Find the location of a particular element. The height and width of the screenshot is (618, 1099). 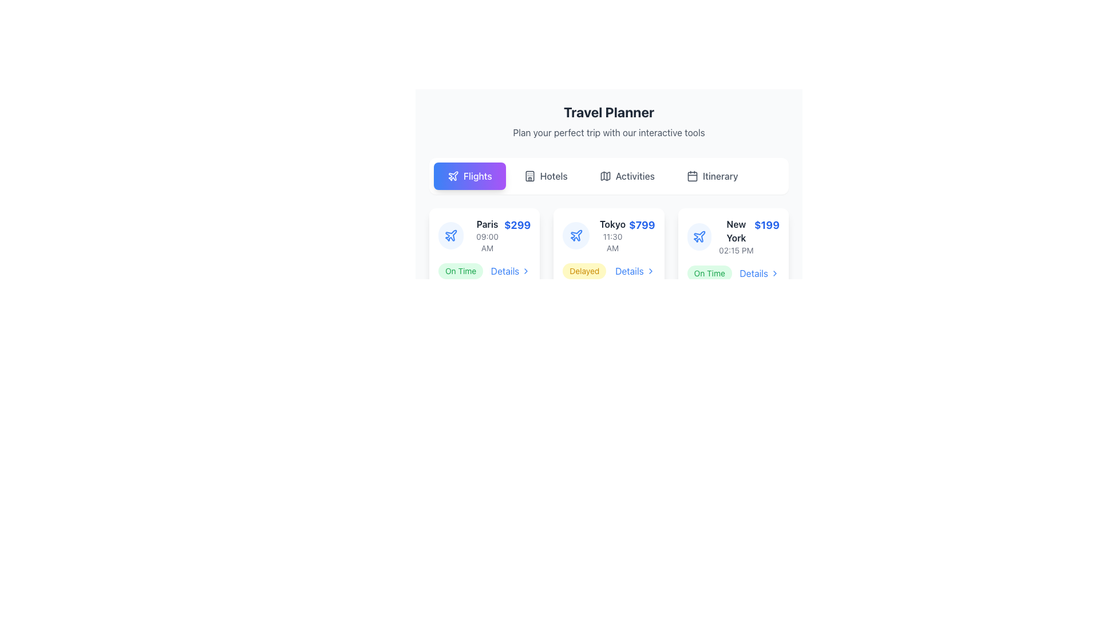

the rightward-pointing chevron icon located immediately to the right of the 'Details' text in the second travel card indicating 'Tokyo $799 11:30 AM' is located at coordinates (650, 271).